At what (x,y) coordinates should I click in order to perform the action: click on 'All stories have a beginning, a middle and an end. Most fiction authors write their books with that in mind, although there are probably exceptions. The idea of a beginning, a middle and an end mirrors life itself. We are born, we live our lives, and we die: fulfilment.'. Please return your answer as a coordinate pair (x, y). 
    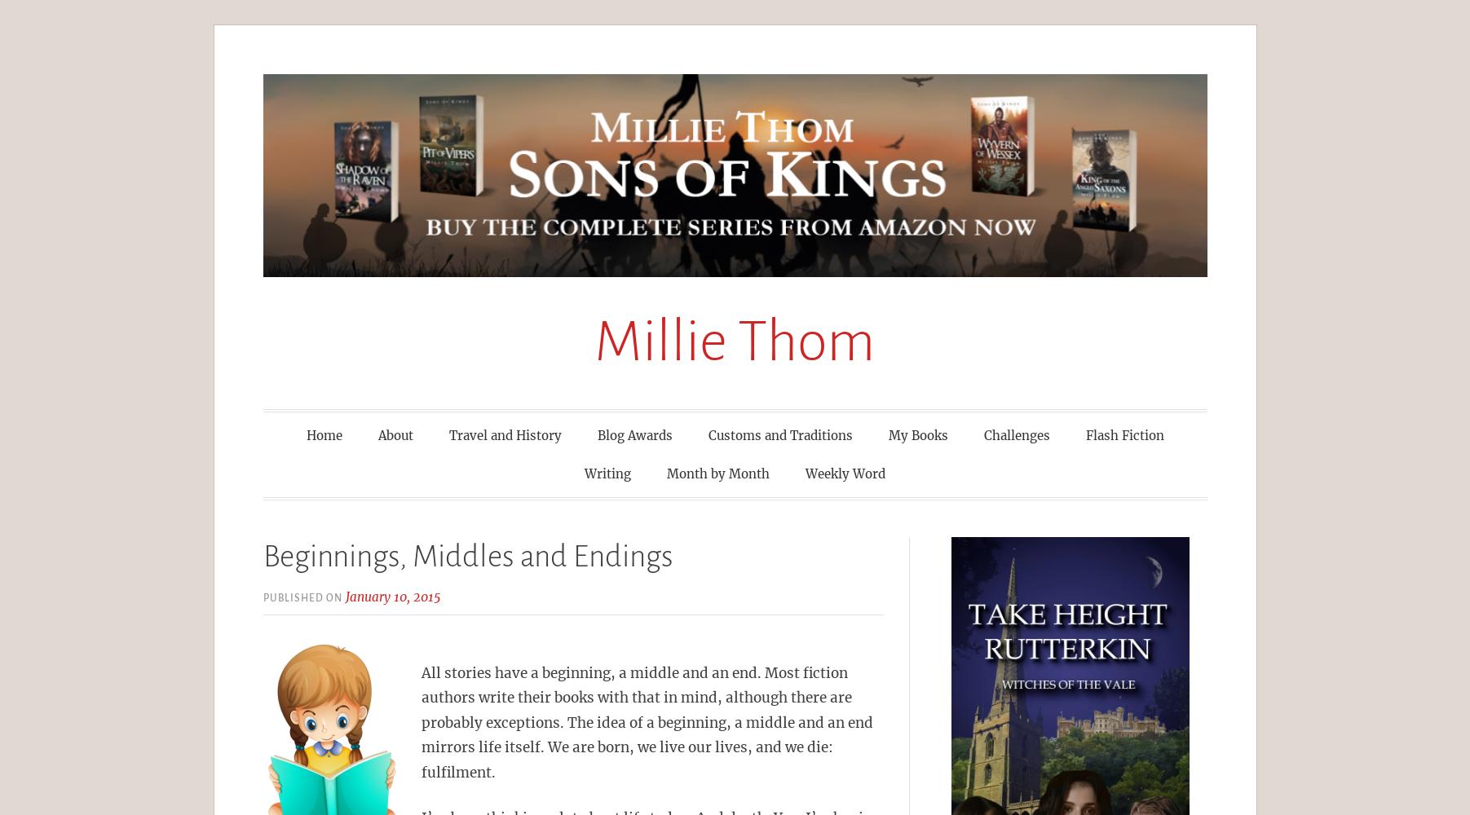
    Looking at the image, I should click on (647, 722).